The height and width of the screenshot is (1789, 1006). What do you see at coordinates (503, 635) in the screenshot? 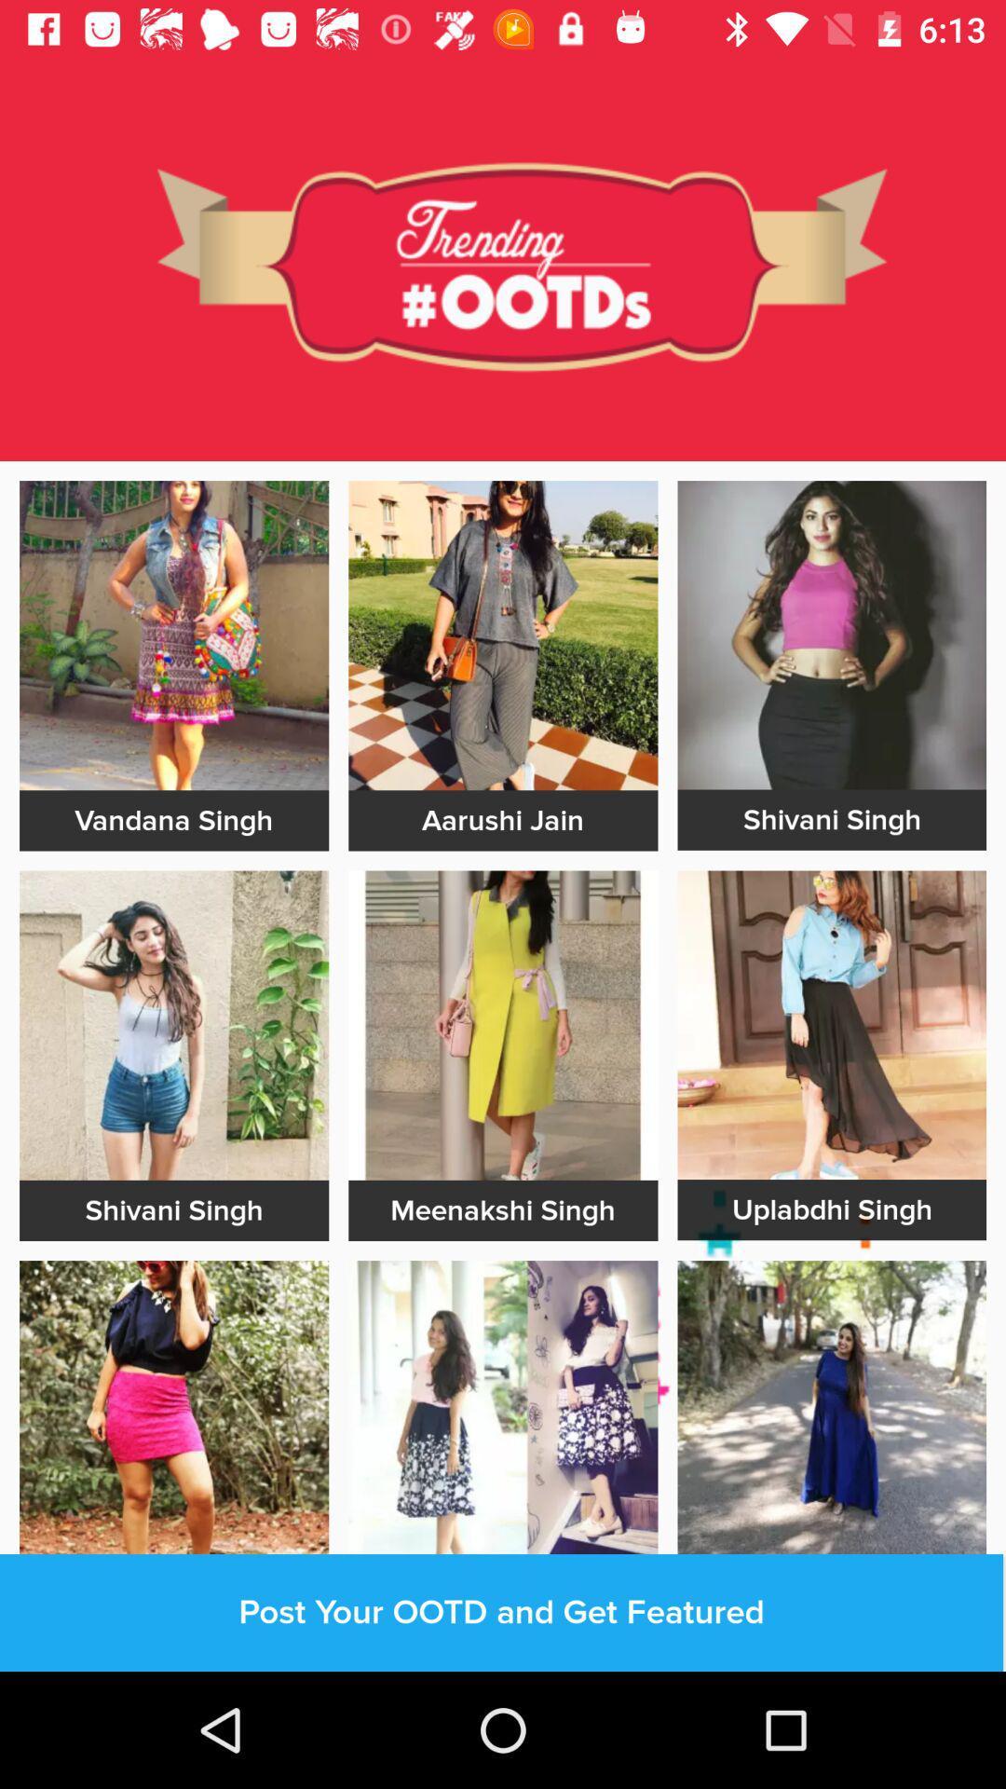
I see `advertisement page` at bounding box center [503, 635].